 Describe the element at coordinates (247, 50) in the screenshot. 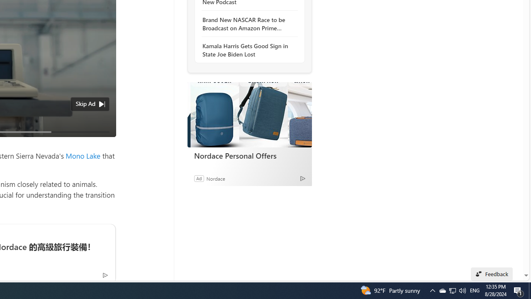

I see `'Kamala Harris Gets Good Sign in State Joe Biden Lost'` at that location.